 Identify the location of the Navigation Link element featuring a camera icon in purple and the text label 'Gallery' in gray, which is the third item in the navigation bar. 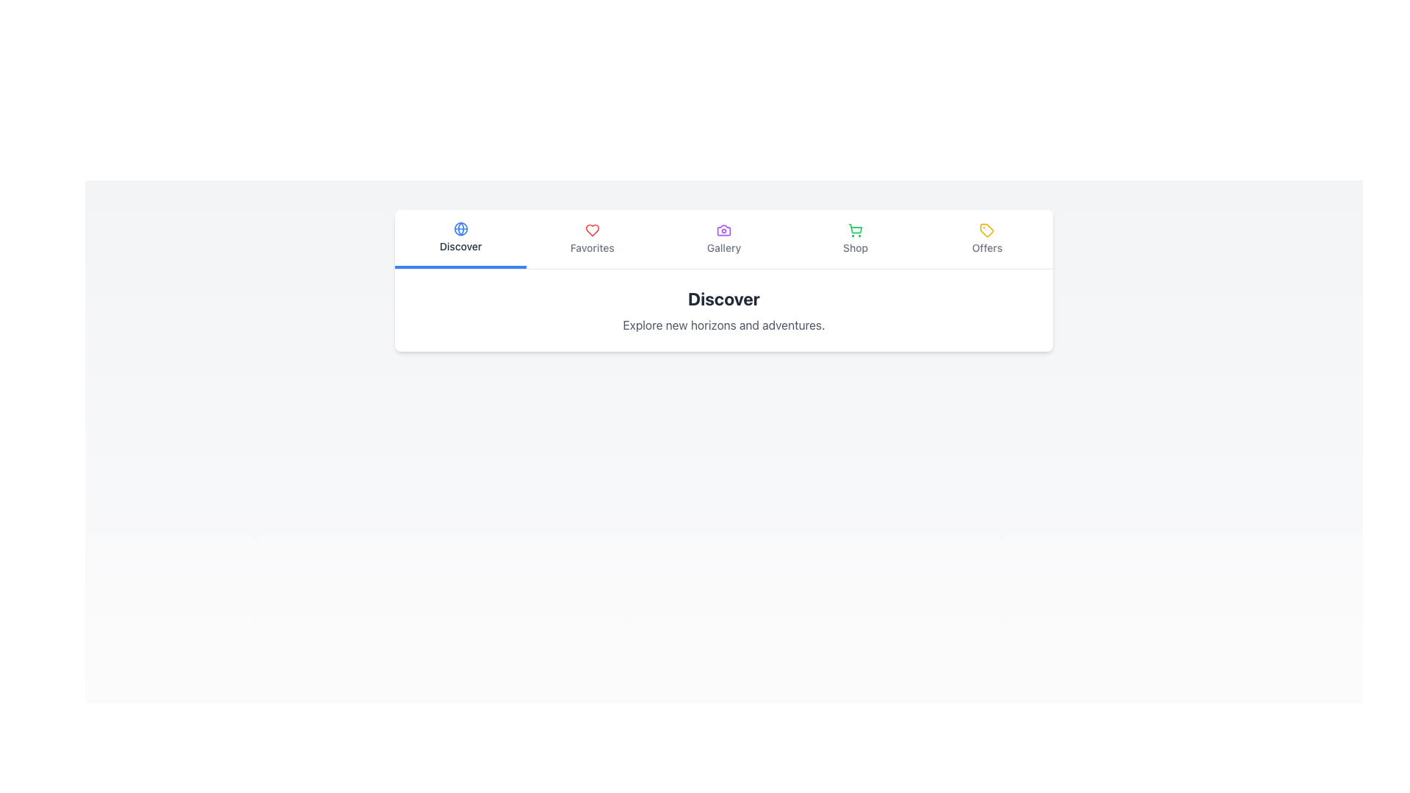
(723, 239).